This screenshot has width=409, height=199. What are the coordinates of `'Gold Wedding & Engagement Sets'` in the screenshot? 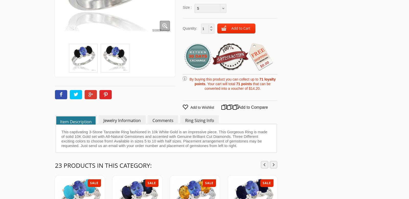 It's located at (266, 40).